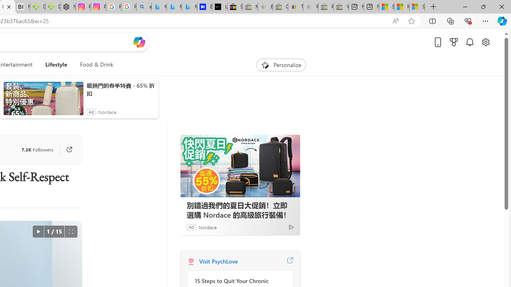 This screenshot has width=511, height=287. Describe the element at coordinates (386, 7) in the screenshot. I see `'Shanghai, China hourly forecast | Microsoft Weather'` at that location.